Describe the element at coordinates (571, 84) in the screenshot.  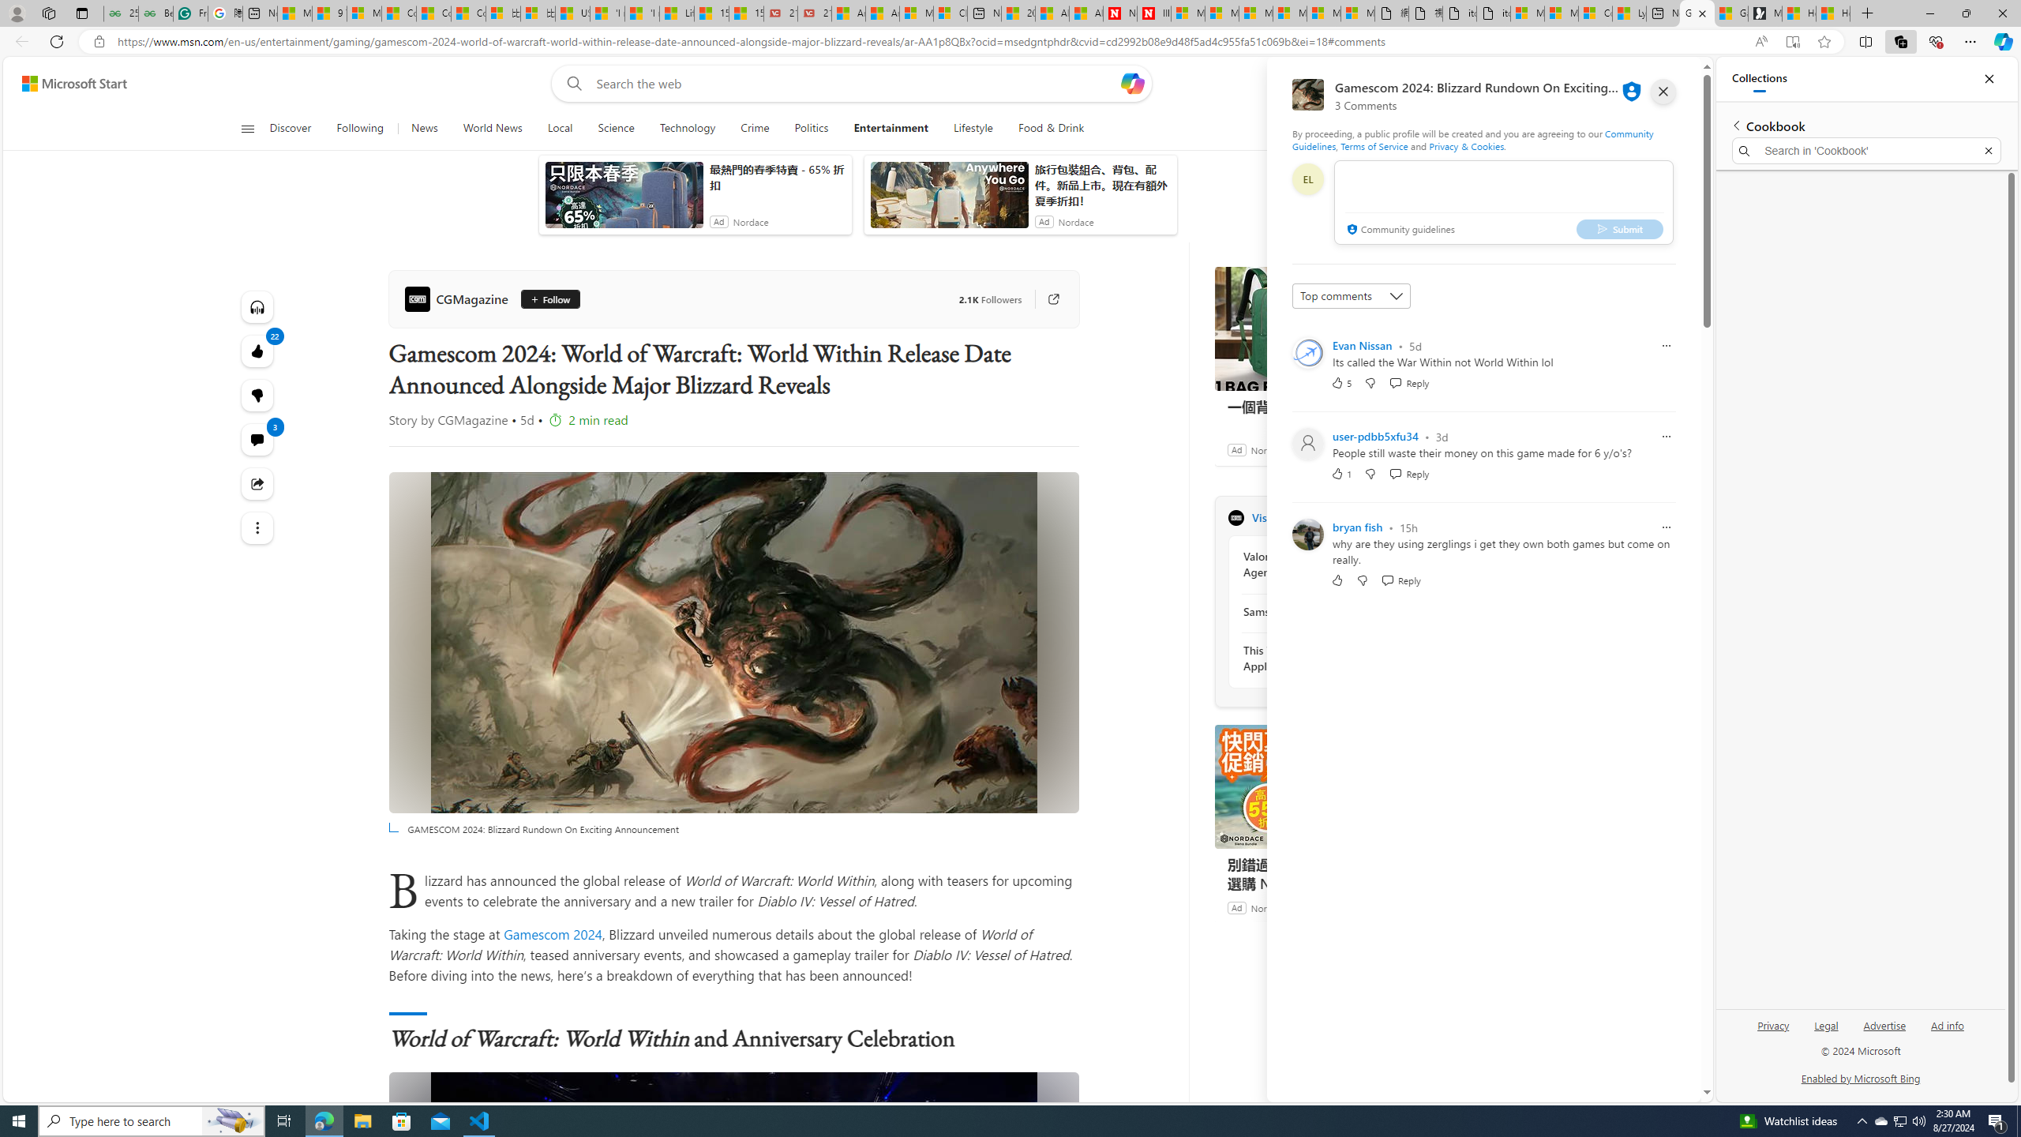
I see `'Web search'` at that location.